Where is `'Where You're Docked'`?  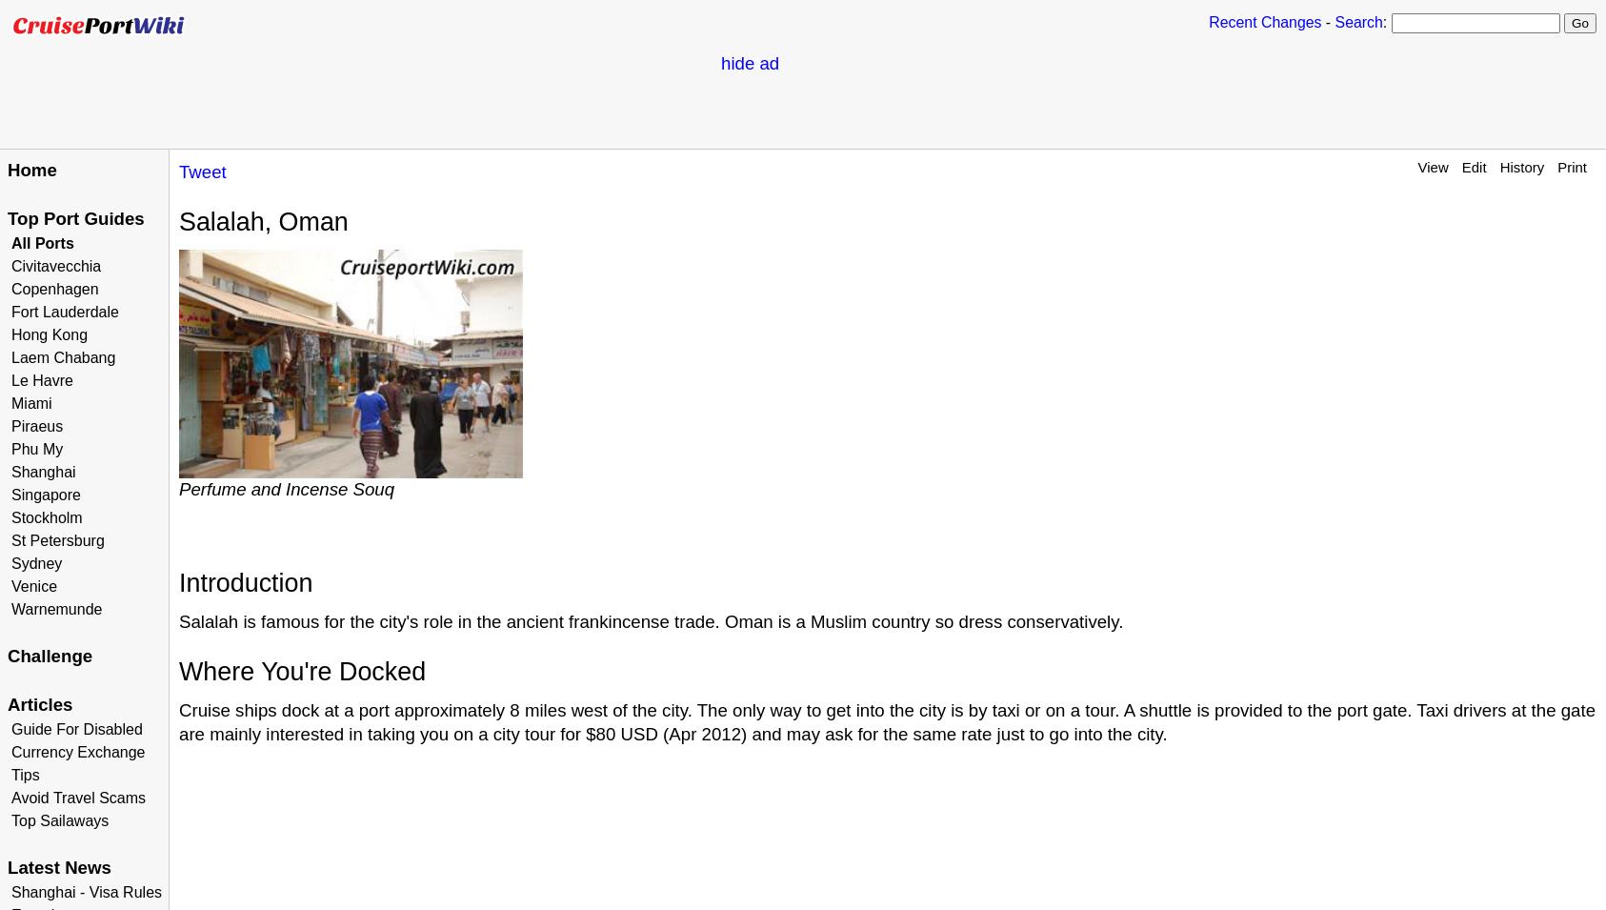 'Where You're Docked' is located at coordinates (301, 670).